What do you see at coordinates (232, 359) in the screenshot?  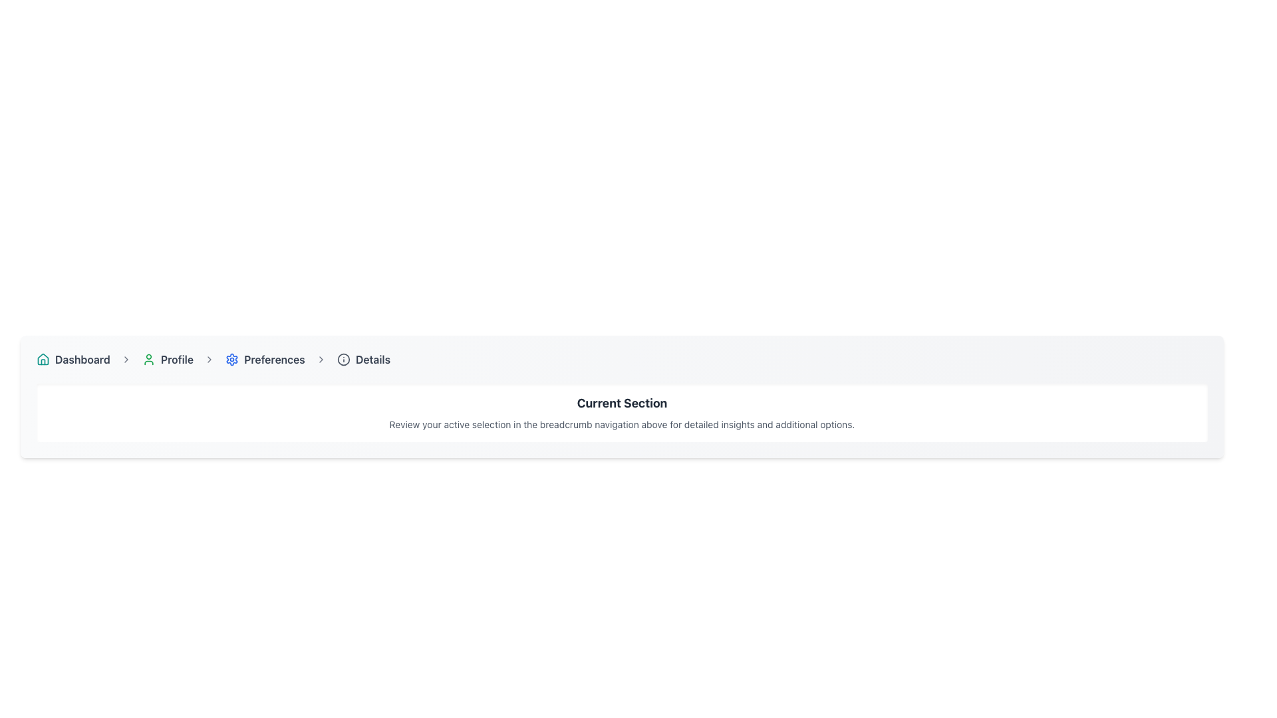 I see `the settings icon graphic located in the breadcrumb navigation bar, positioned immediately before the text 'Preferences'` at bounding box center [232, 359].